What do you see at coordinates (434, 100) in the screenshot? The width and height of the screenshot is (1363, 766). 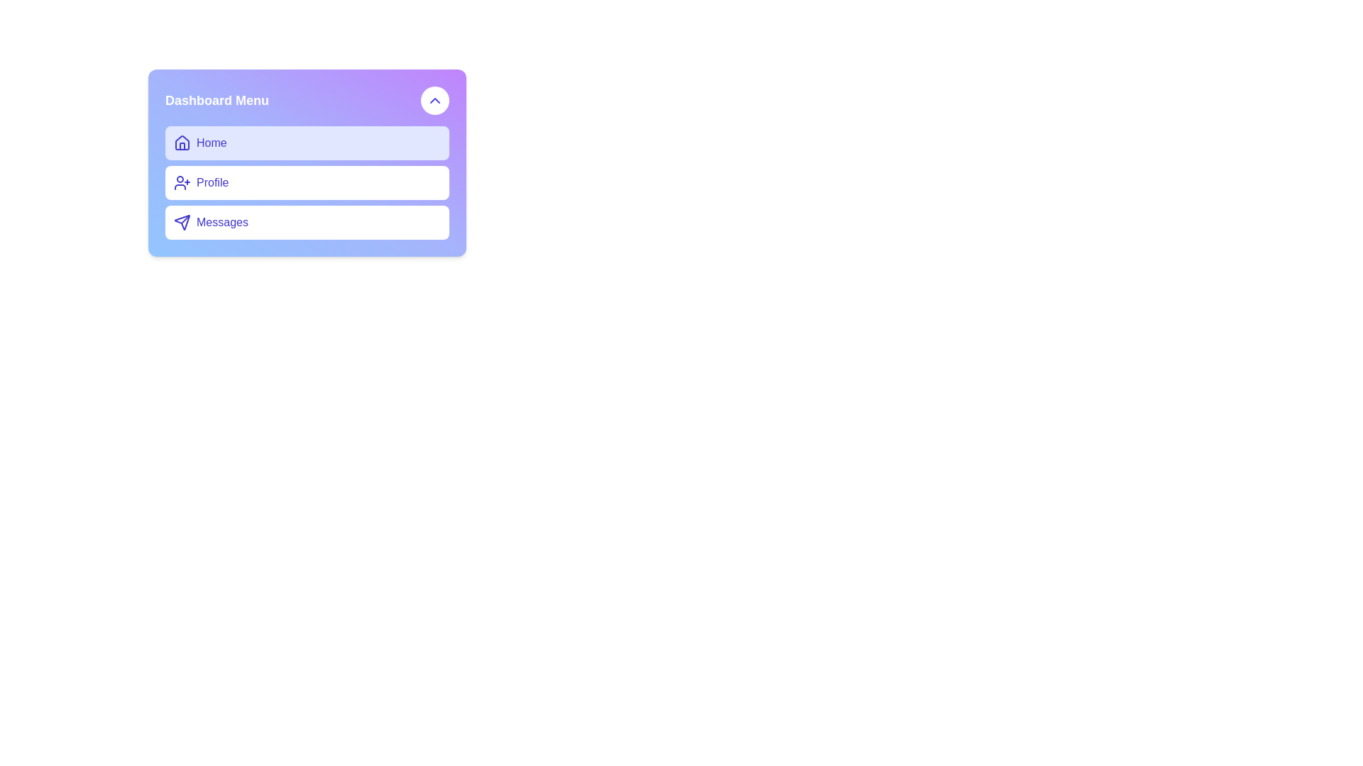 I see `the button with an upward arrow icon in the top-right corner of the 'Dashboard Menu'` at bounding box center [434, 100].